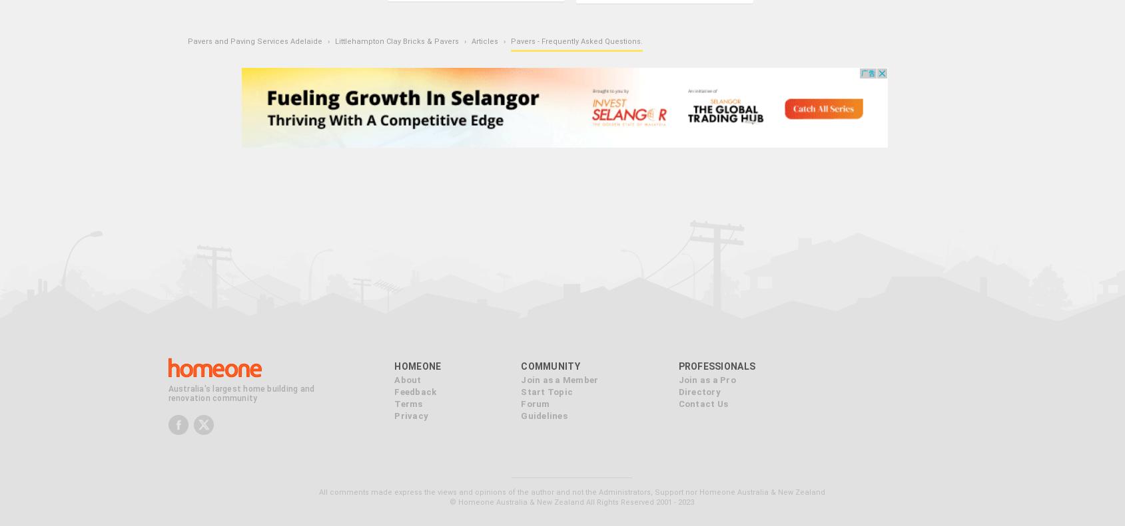 This screenshot has height=526, width=1125. What do you see at coordinates (254, 41) in the screenshot?
I see `'Pavers and Paving Services Adelaide'` at bounding box center [254, 41].